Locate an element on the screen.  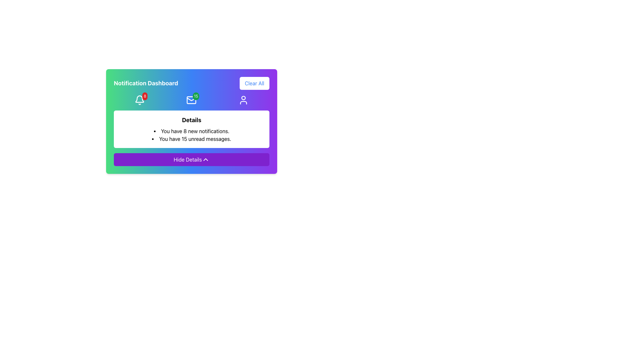
the 'Hide Details' button with a purple background located at the bottom of the notification panel to hide details is located at coordinates (191, 159).